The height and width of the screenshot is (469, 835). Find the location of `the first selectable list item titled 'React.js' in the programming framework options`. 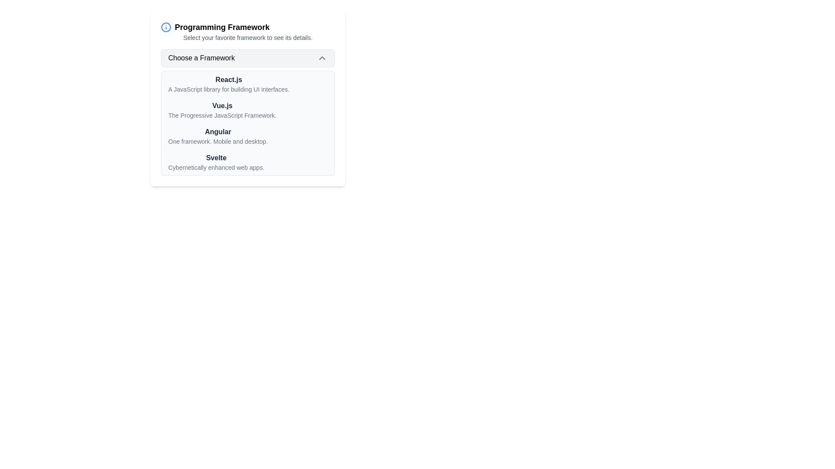

the first selectable list item titled 'React.js' in the programming framework options is located at coordinates (247, 84).